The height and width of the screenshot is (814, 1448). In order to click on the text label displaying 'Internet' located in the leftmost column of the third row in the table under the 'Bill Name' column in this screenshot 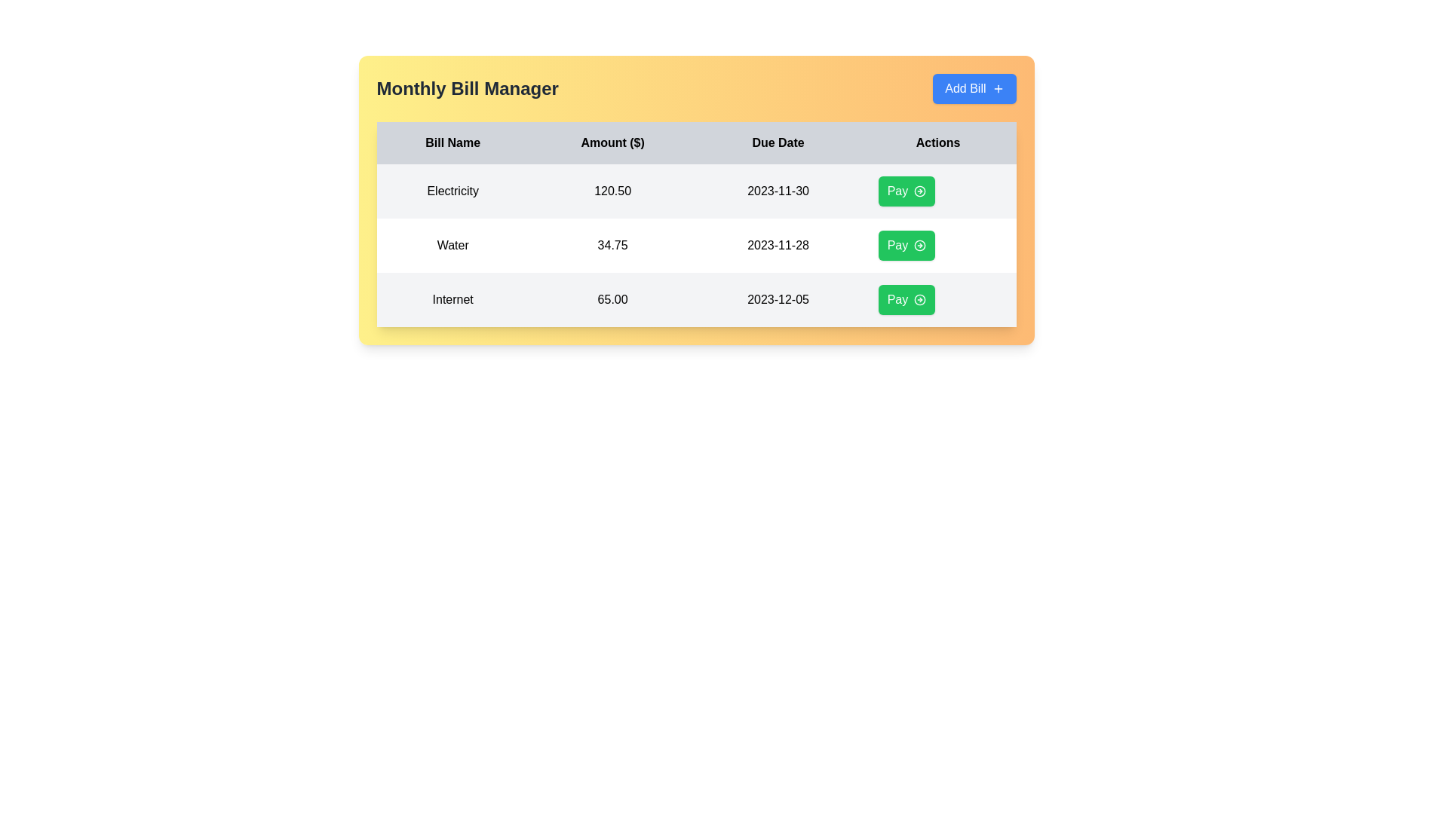, I will do `click(452, 299)`.